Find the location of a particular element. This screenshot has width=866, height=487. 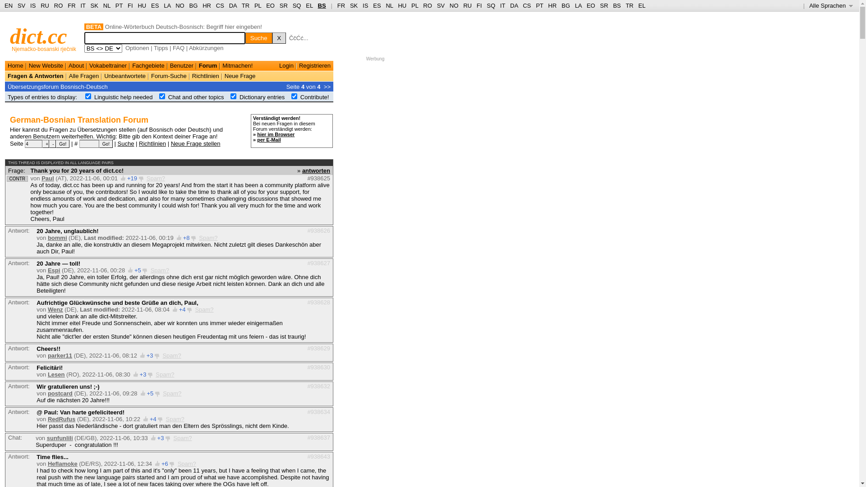

'SK' is located at coordinates (353, 5).